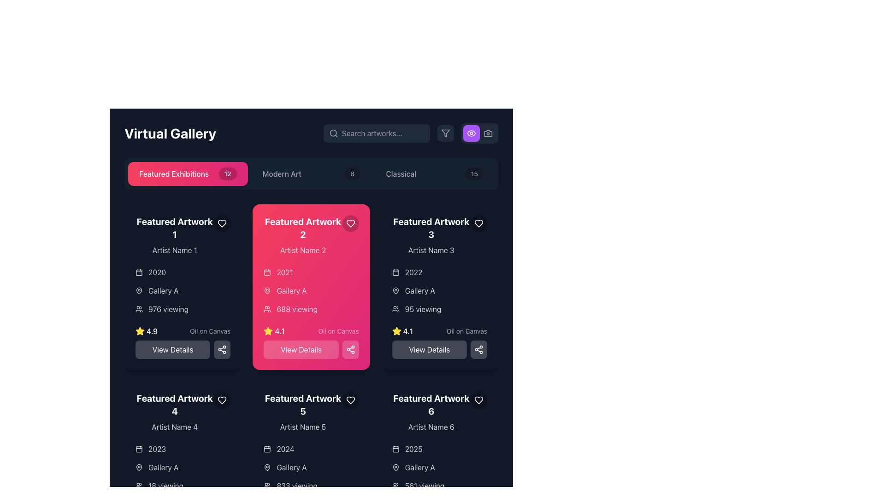  I want to click on the button with a dark gray background and white text reading 'View Details', so click(439, 349).